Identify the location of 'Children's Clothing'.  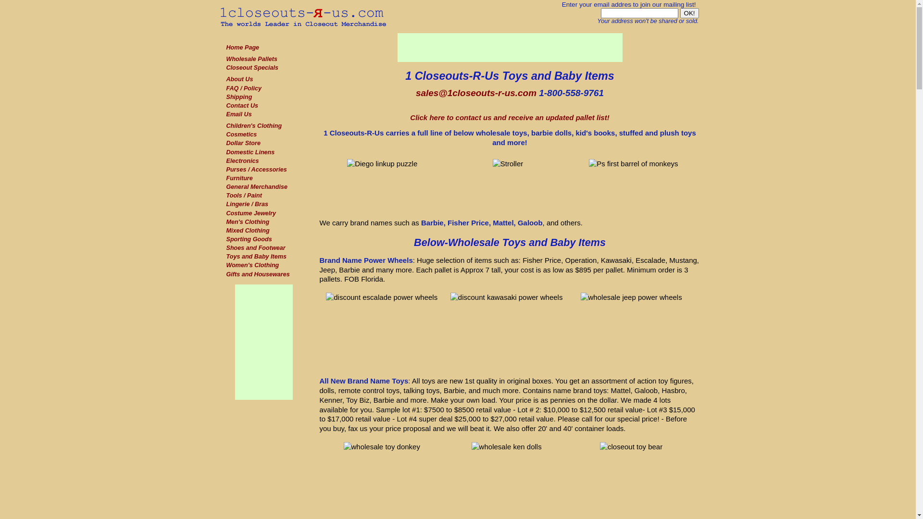
(254, 125).